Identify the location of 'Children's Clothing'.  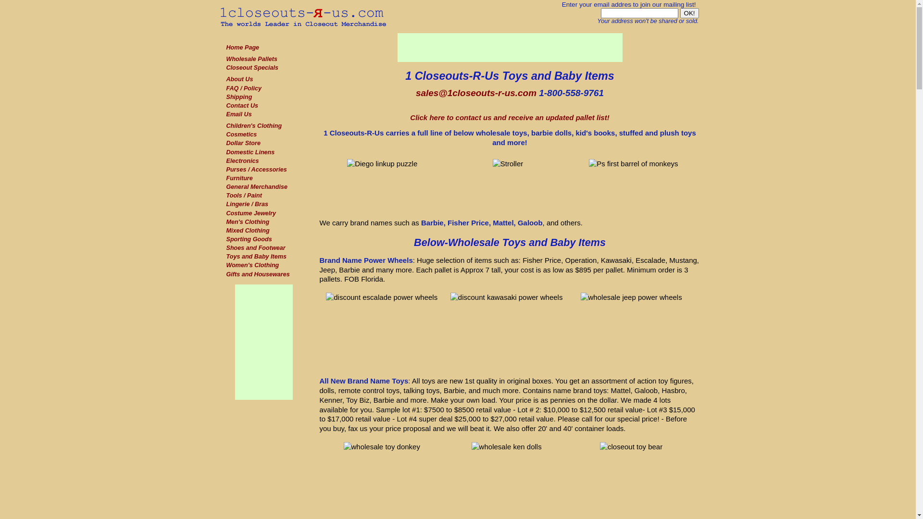
(254, 125).